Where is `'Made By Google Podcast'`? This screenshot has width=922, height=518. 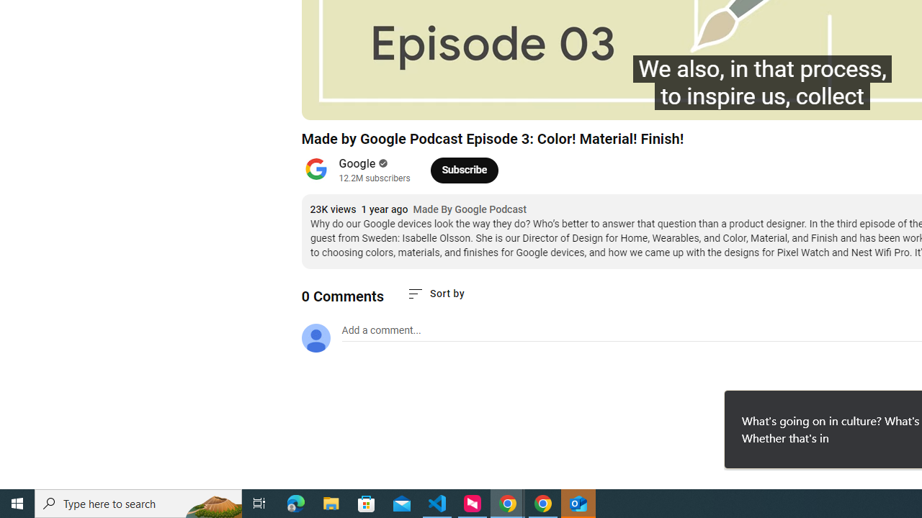
'Made By Google Podcast' is located at coordinates (470, 209).